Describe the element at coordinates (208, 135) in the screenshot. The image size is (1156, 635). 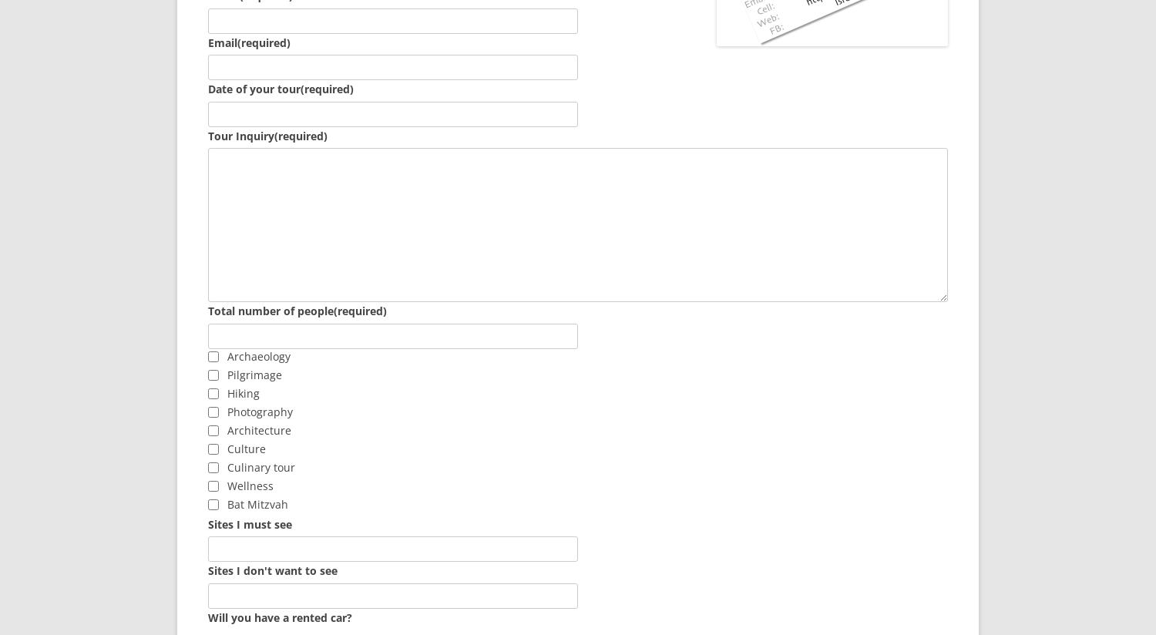
I see `'Tour Inquiry'` at that location.